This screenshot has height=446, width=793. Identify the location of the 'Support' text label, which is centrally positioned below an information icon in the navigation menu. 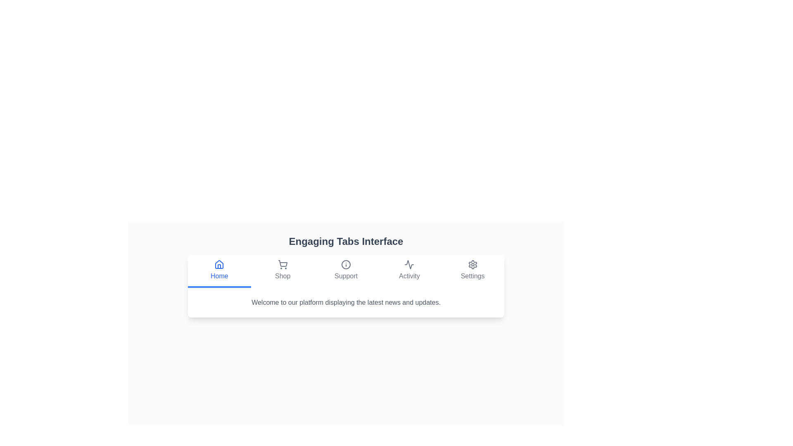
(346, 276).